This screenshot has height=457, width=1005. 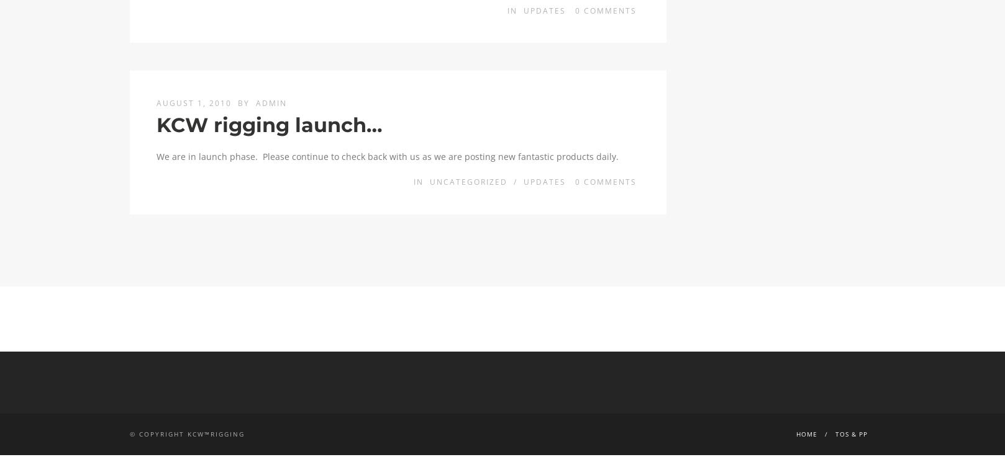 I want to click on 'August 1, 2010', so click(x=196, y=102).